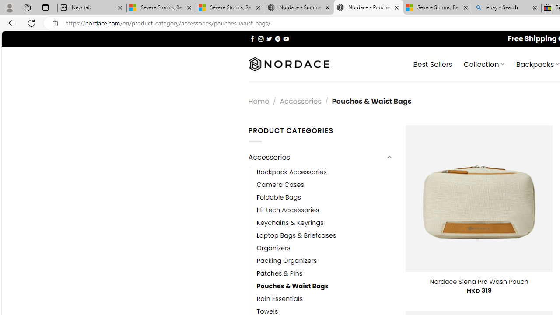  I want to click on 'Foldable Bags', so click(278, 197).